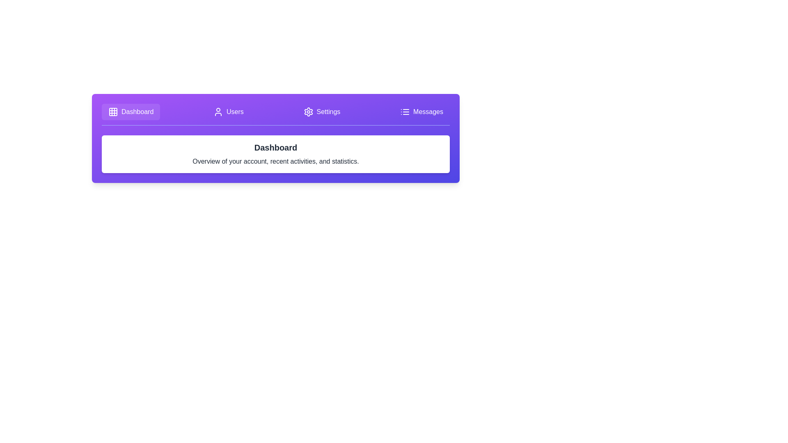  I want to click on the gear icon located to the left of the 'Settings' text in the navigation bar, so click(308, 112).